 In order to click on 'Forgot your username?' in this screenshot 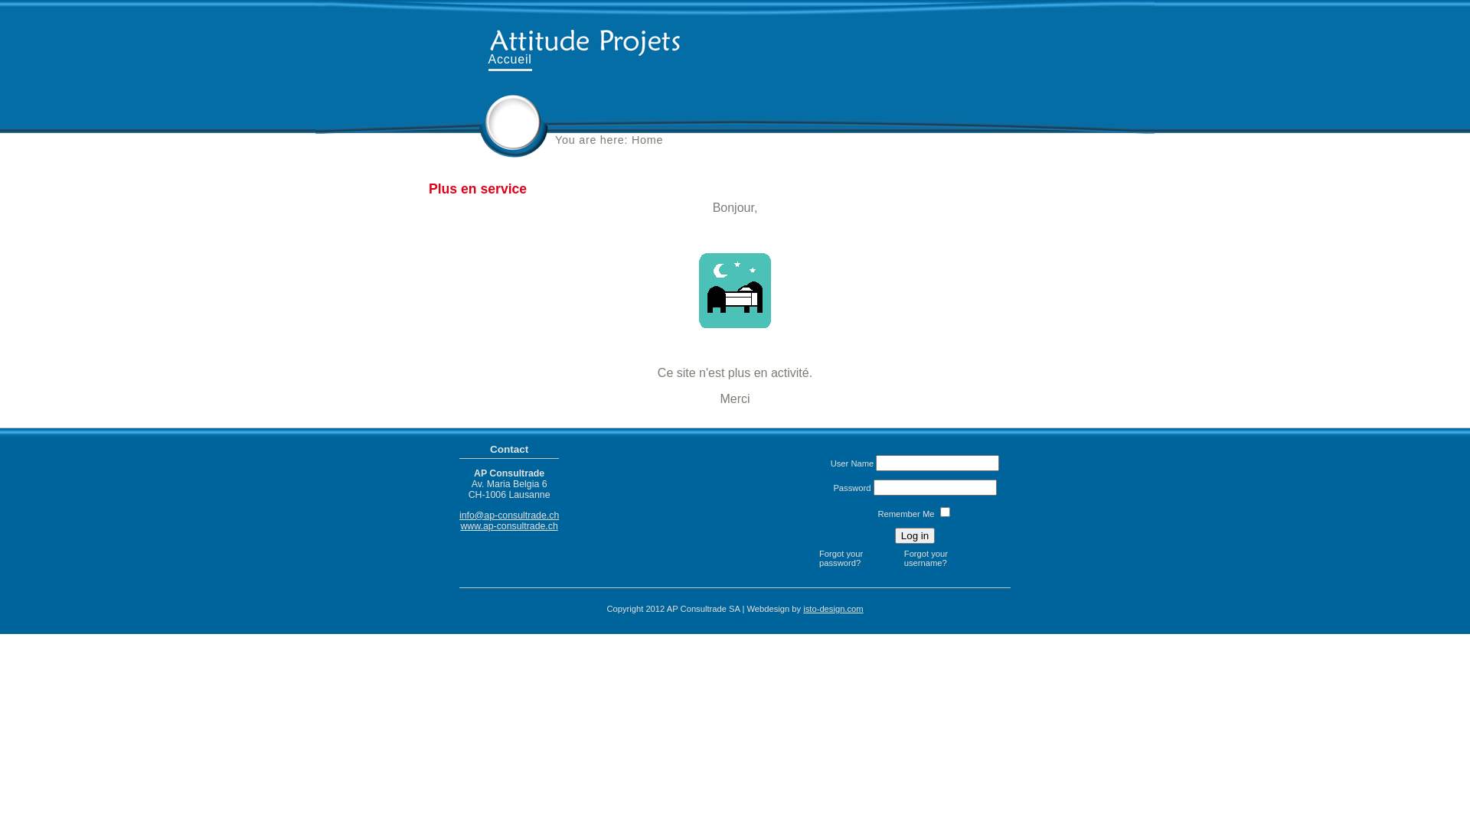, I will do `click(942, 558)`.